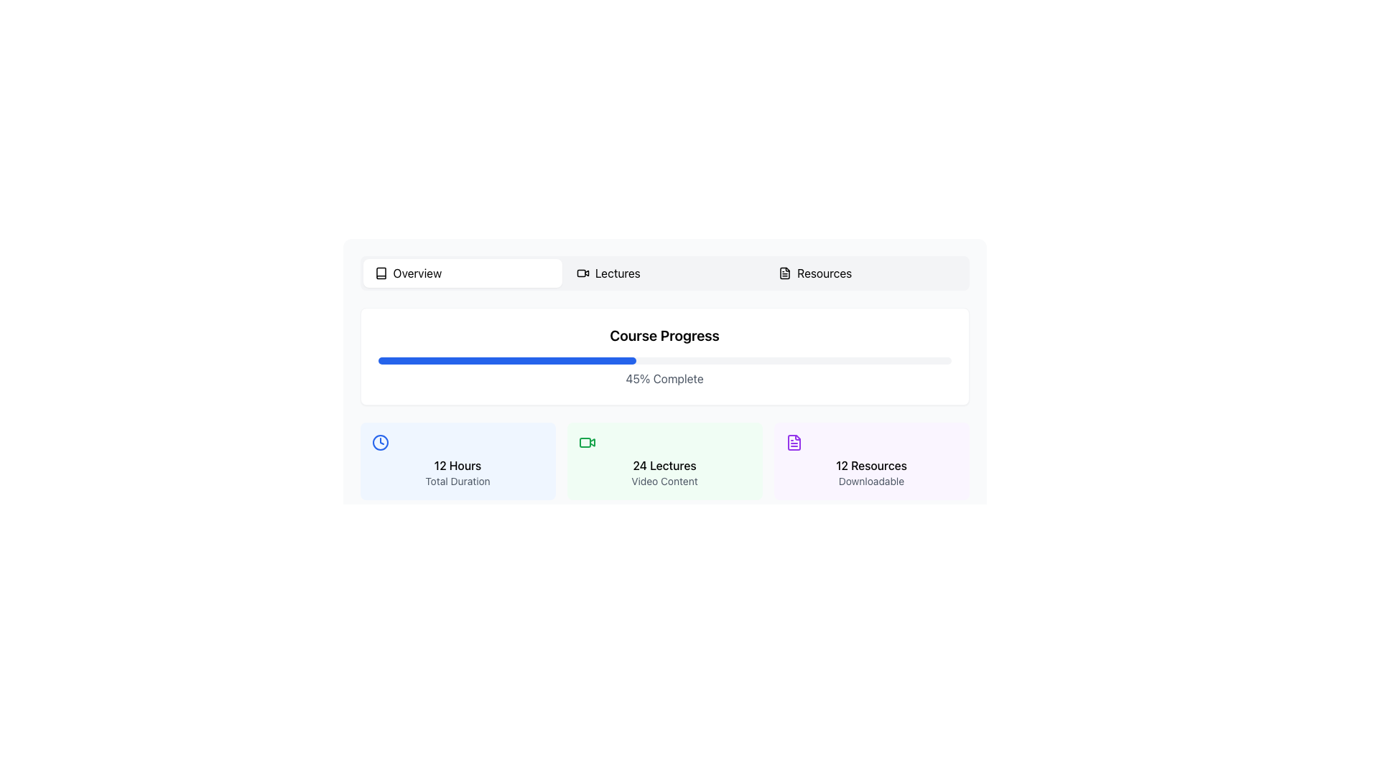  What do you see at coordinates (380, 442) in the screenshot?
I see `the clock icon that represents the duration of '12 Hours' in the top-left section of the associated card` at bounding box center [380, 442].